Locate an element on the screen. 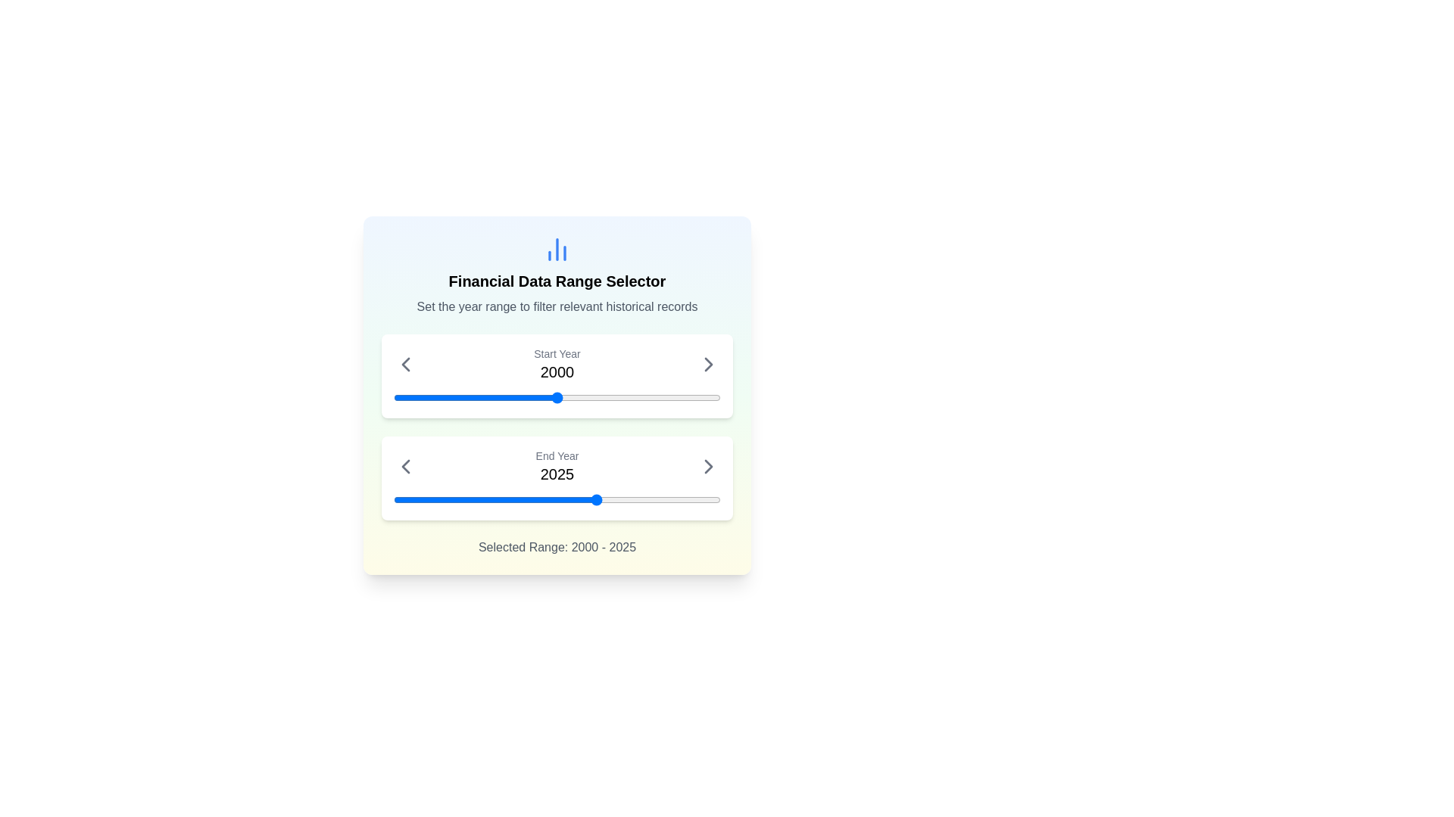 The image size is (1454, 817). the Text label indicating the purpose of the adjacent year value and slider for selecting the start year, located above the year value '2000' is located at coordinates (556, 353).